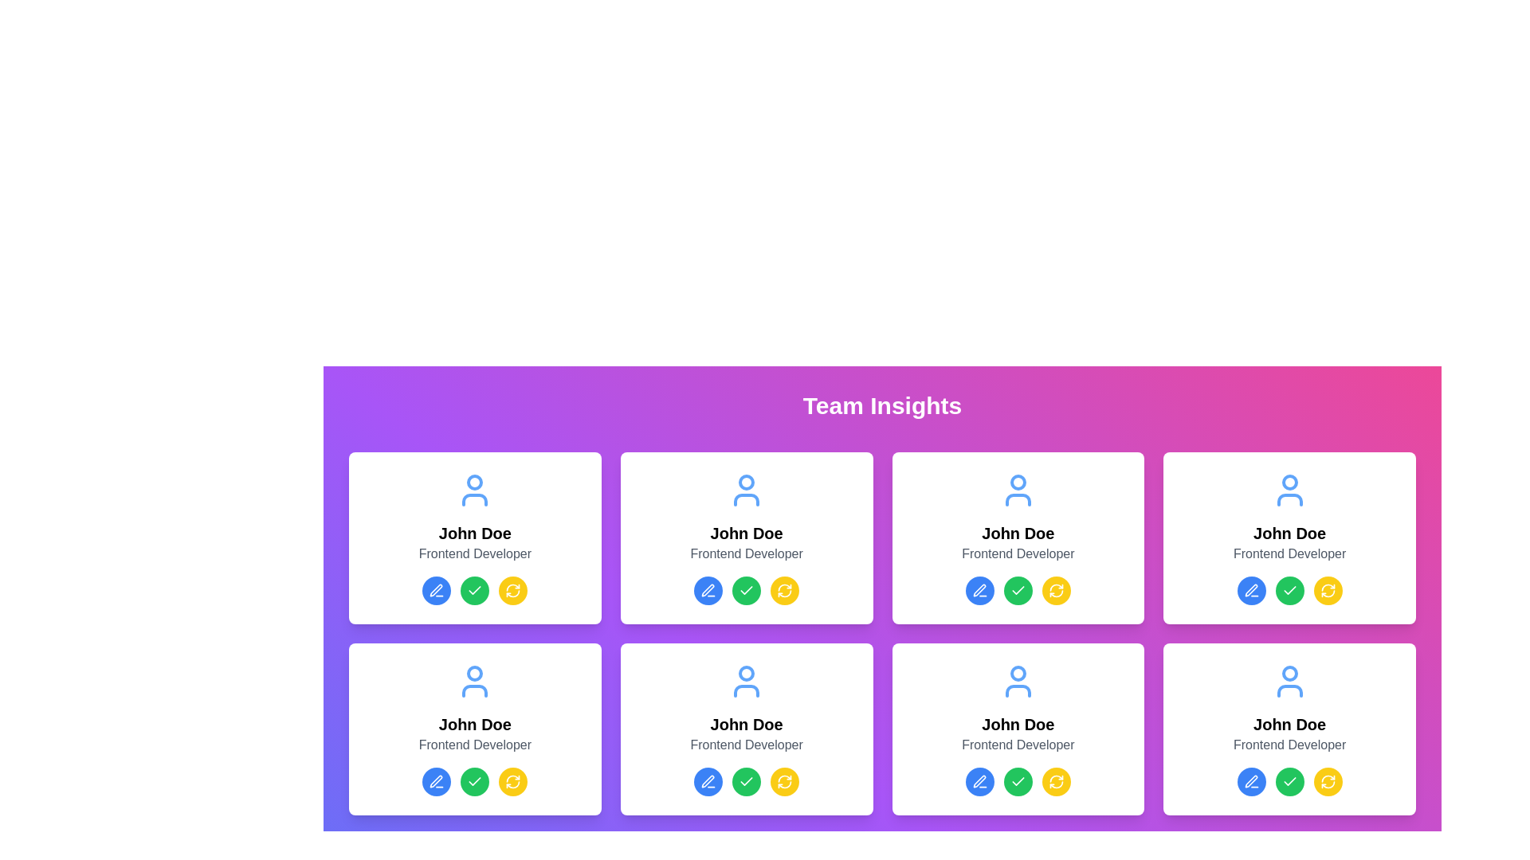 The height and width of the screenshot is (860, 1530). Describe the element at coordinates (474, 490) in the screenshot. I see `the stylized blue user figure icon located at the top center of the card containing 'John Doe' and 'Frontend Developer'` at that location.